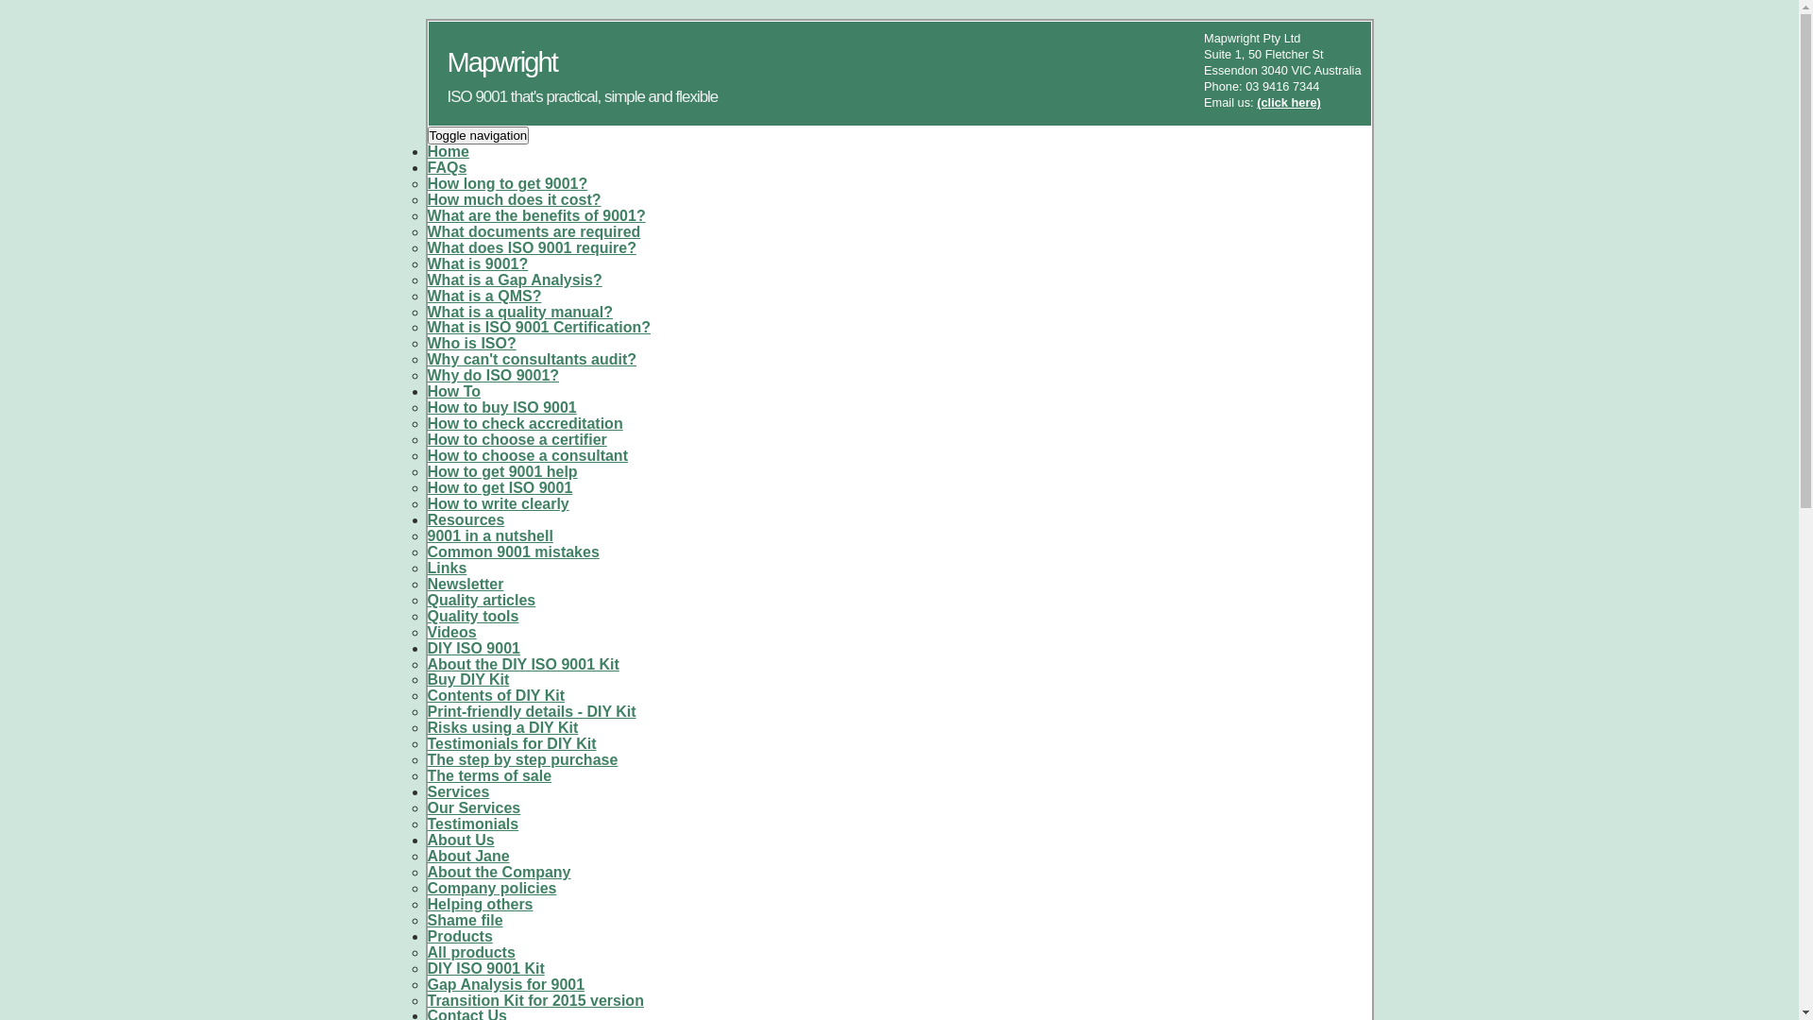 The width and height of the screenshot is (1813, 1020). What do you see at coordinates (483, 296) in the screenshot?
I see `'What is a QMS?'` at bounding box center [483, 296].